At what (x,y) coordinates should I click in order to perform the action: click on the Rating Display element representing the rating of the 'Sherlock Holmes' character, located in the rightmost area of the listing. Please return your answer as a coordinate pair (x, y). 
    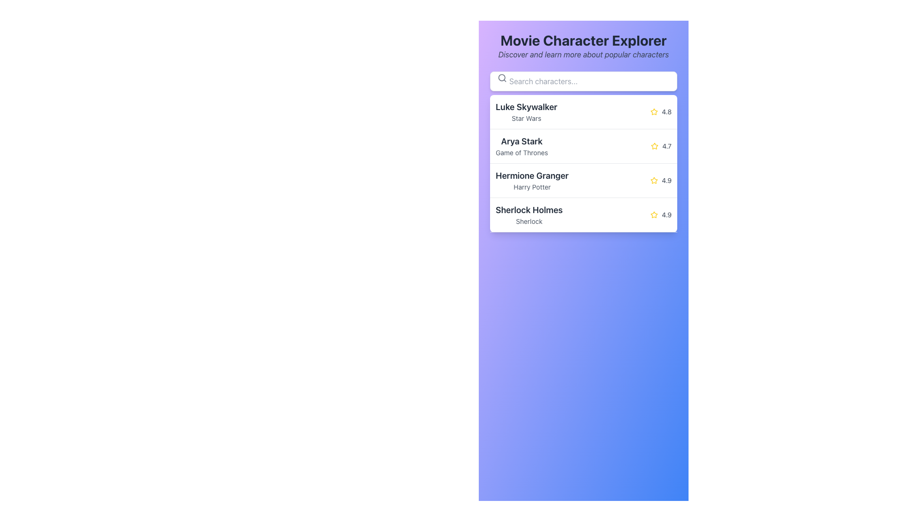
    Looking at the image, I should click on (660, 214).